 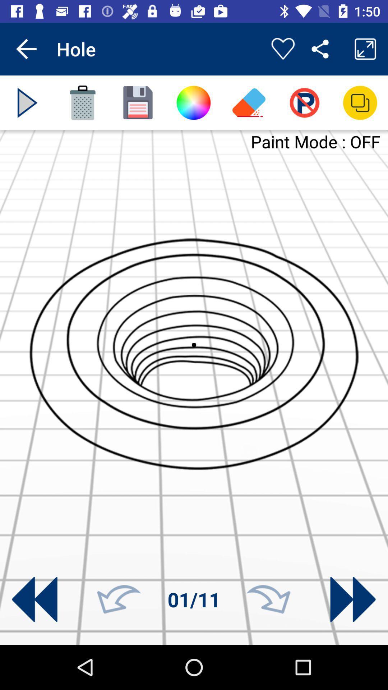 What do you see at coordinates (282, 49) in the screenshot?
I see `to favourites` at bounding box center [282, 49].